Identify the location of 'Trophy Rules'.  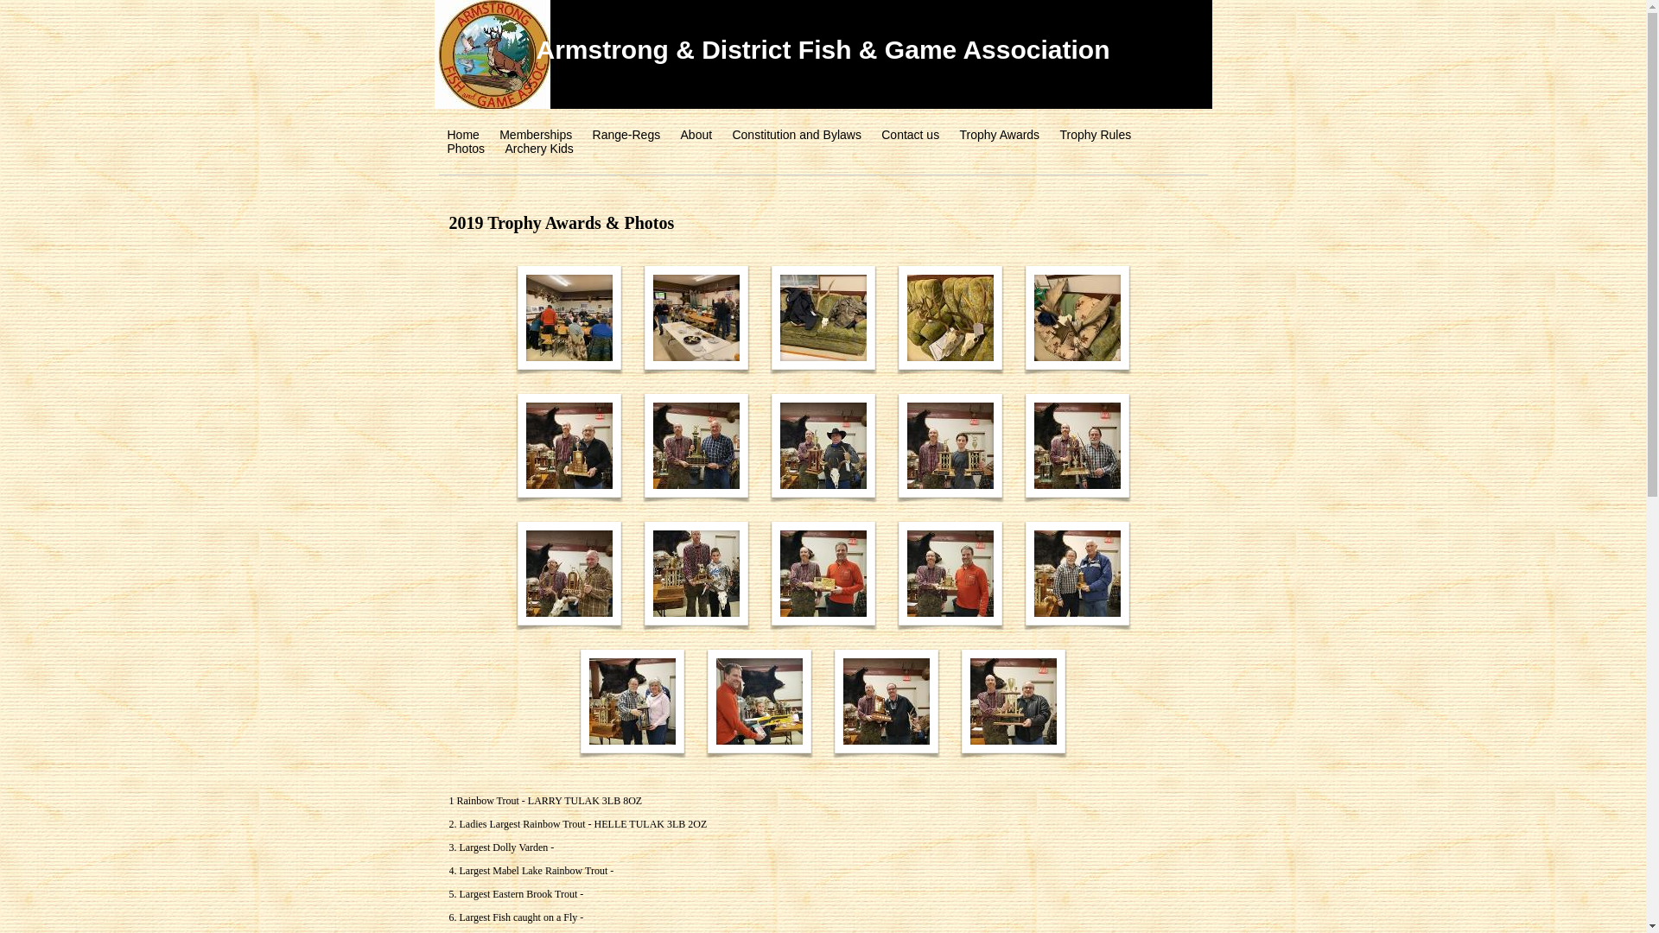
(1094, 133).